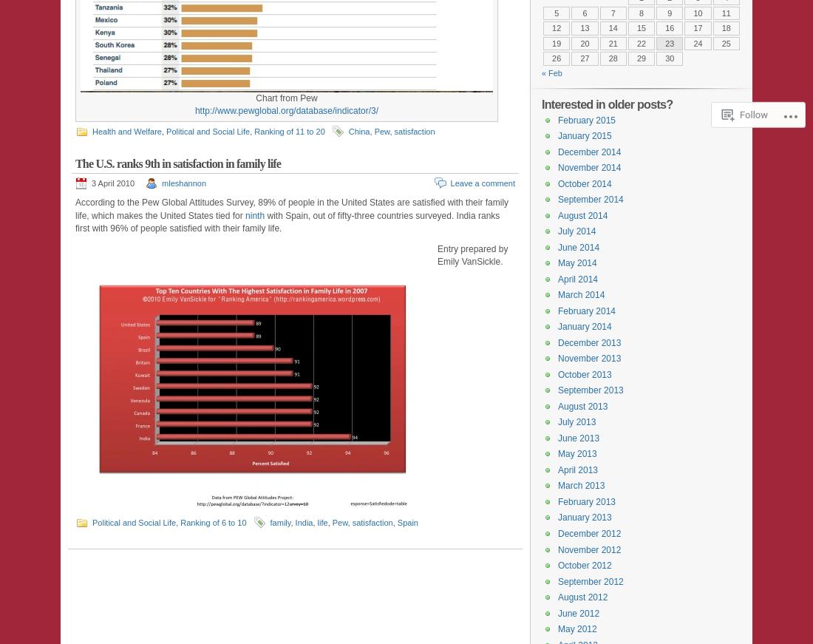 The width and height of the screenshot is (813, 644). What do you see at coordinates (555, 27) in the screenshot?
I see `'12'` at bounding box center [555, 27].